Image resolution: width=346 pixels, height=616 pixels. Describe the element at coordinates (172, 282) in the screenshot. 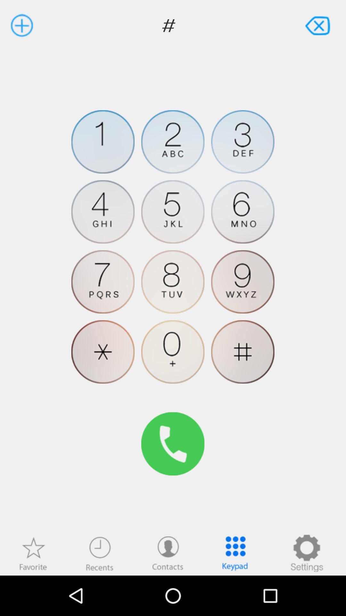

I see `press 8` at that location.